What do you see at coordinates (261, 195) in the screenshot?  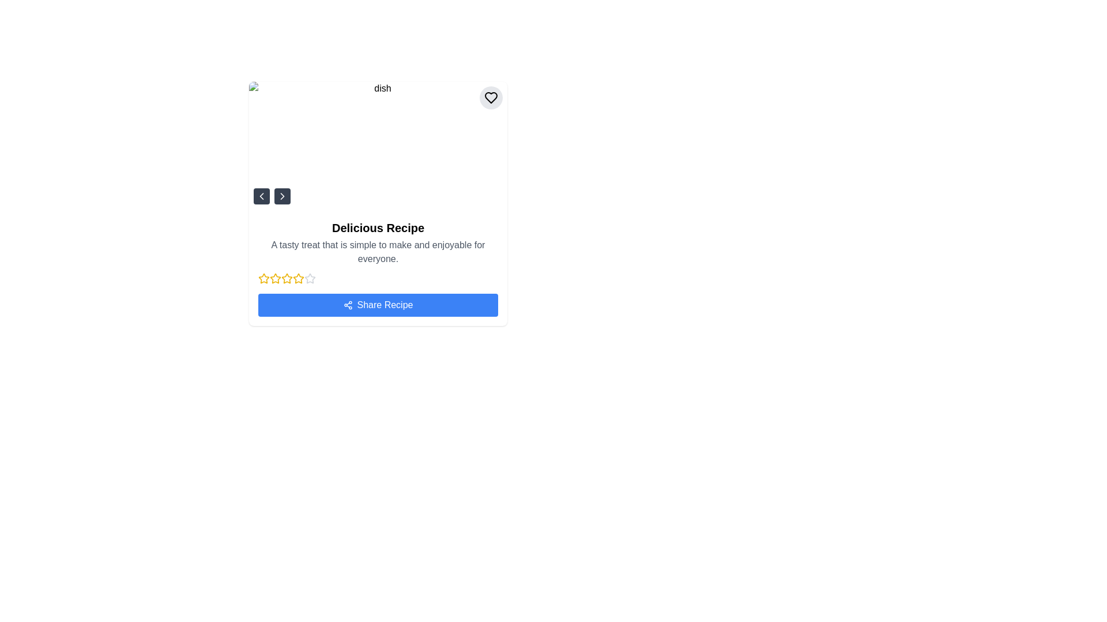 I see `the small square button with rounded corners that has a dark gray background and a white left-pointing chevron arrow symbol for keyboard navigation` at bounding box center [261, 195].